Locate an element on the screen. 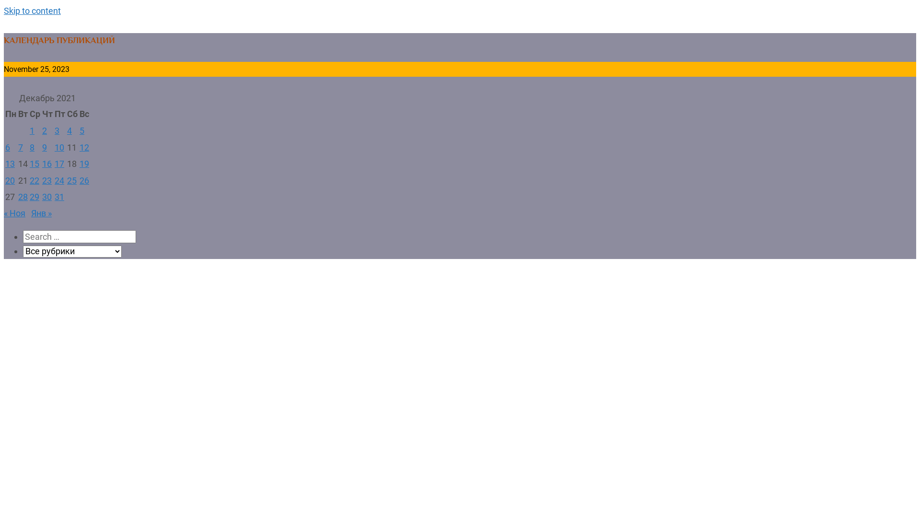 The height and width of the screenshot is (518, 920). '17' is located at coordinates (59, 163).